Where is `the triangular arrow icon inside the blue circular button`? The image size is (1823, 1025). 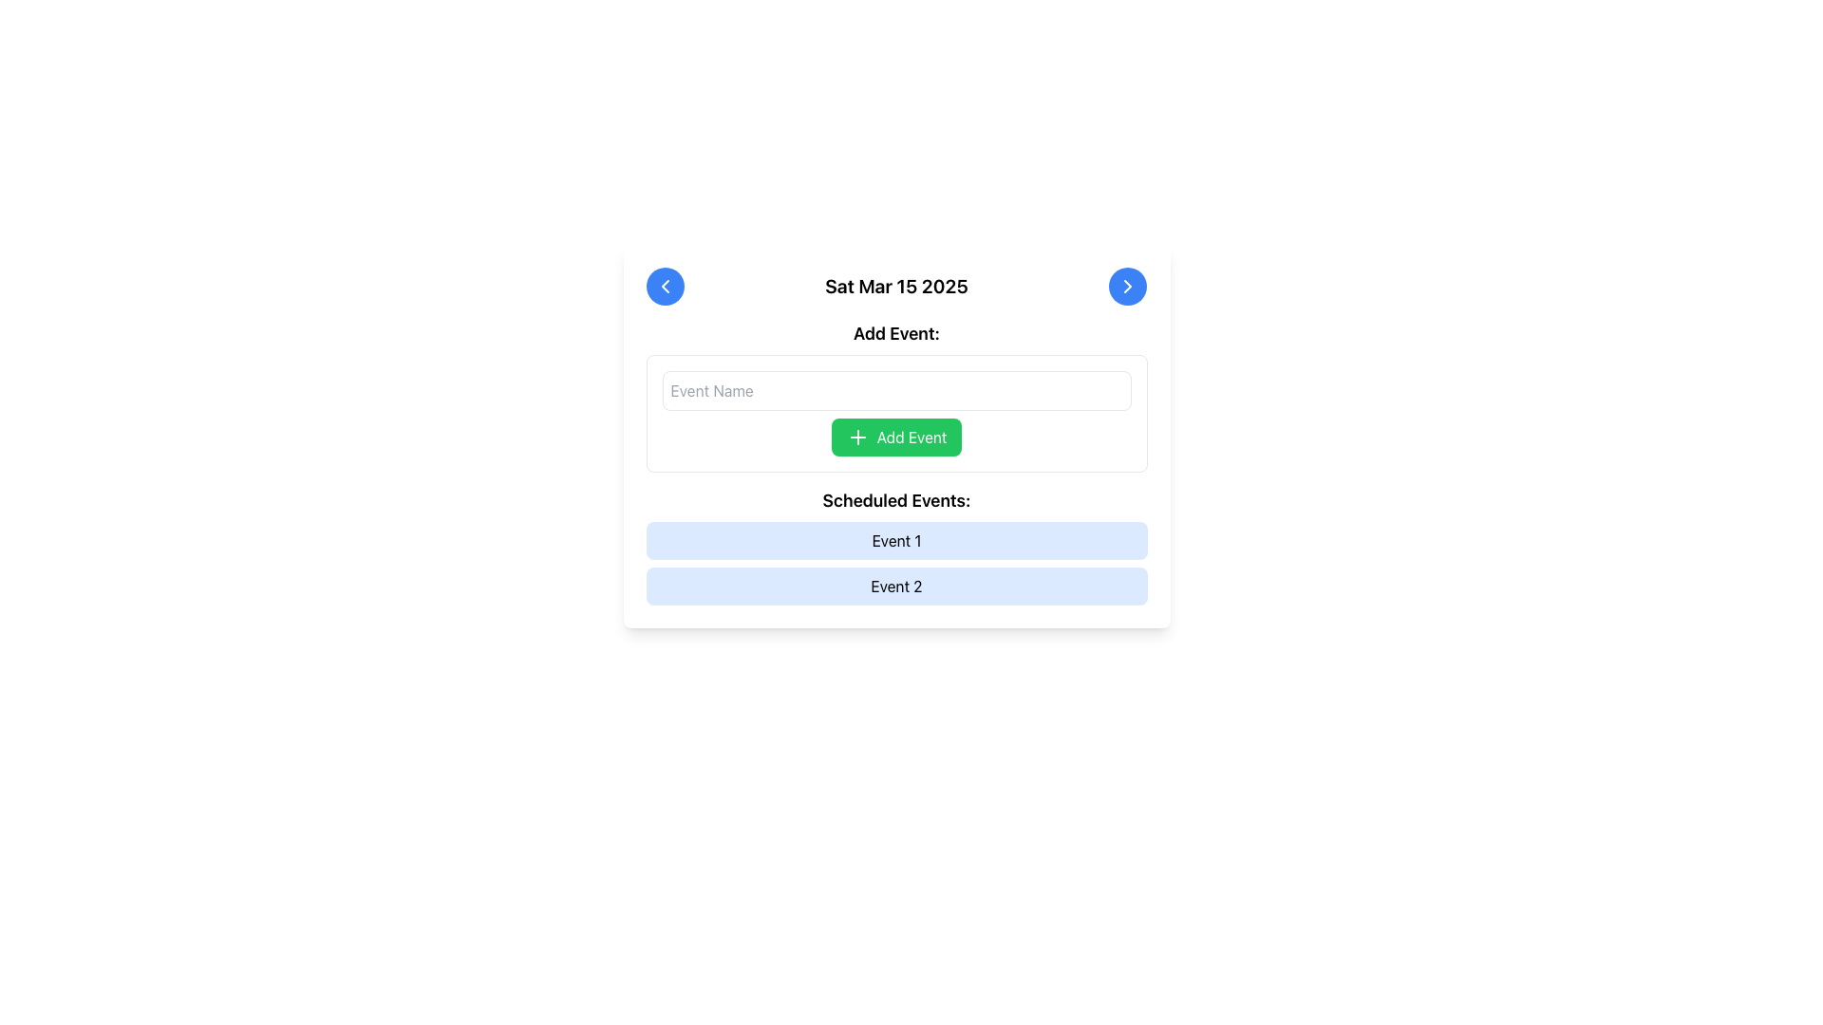
the triangular arrow icon inside the blue circular button is located at coordinates (665, 286).